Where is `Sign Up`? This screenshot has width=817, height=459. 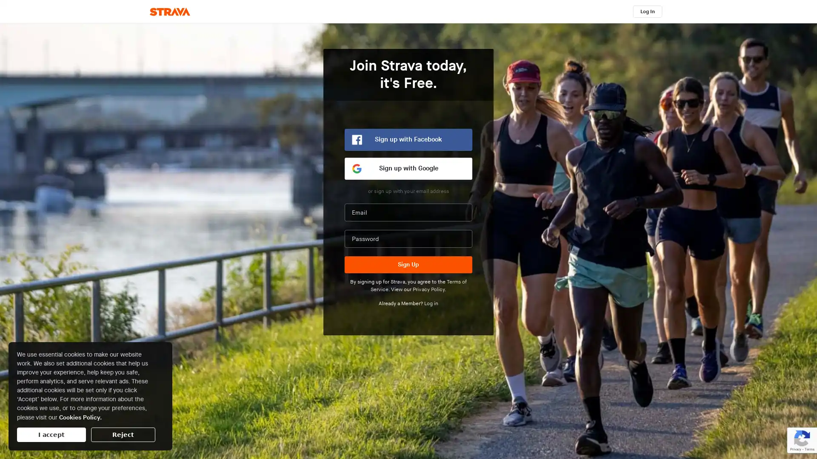 Sign Up is located at coordinates (408, 264).